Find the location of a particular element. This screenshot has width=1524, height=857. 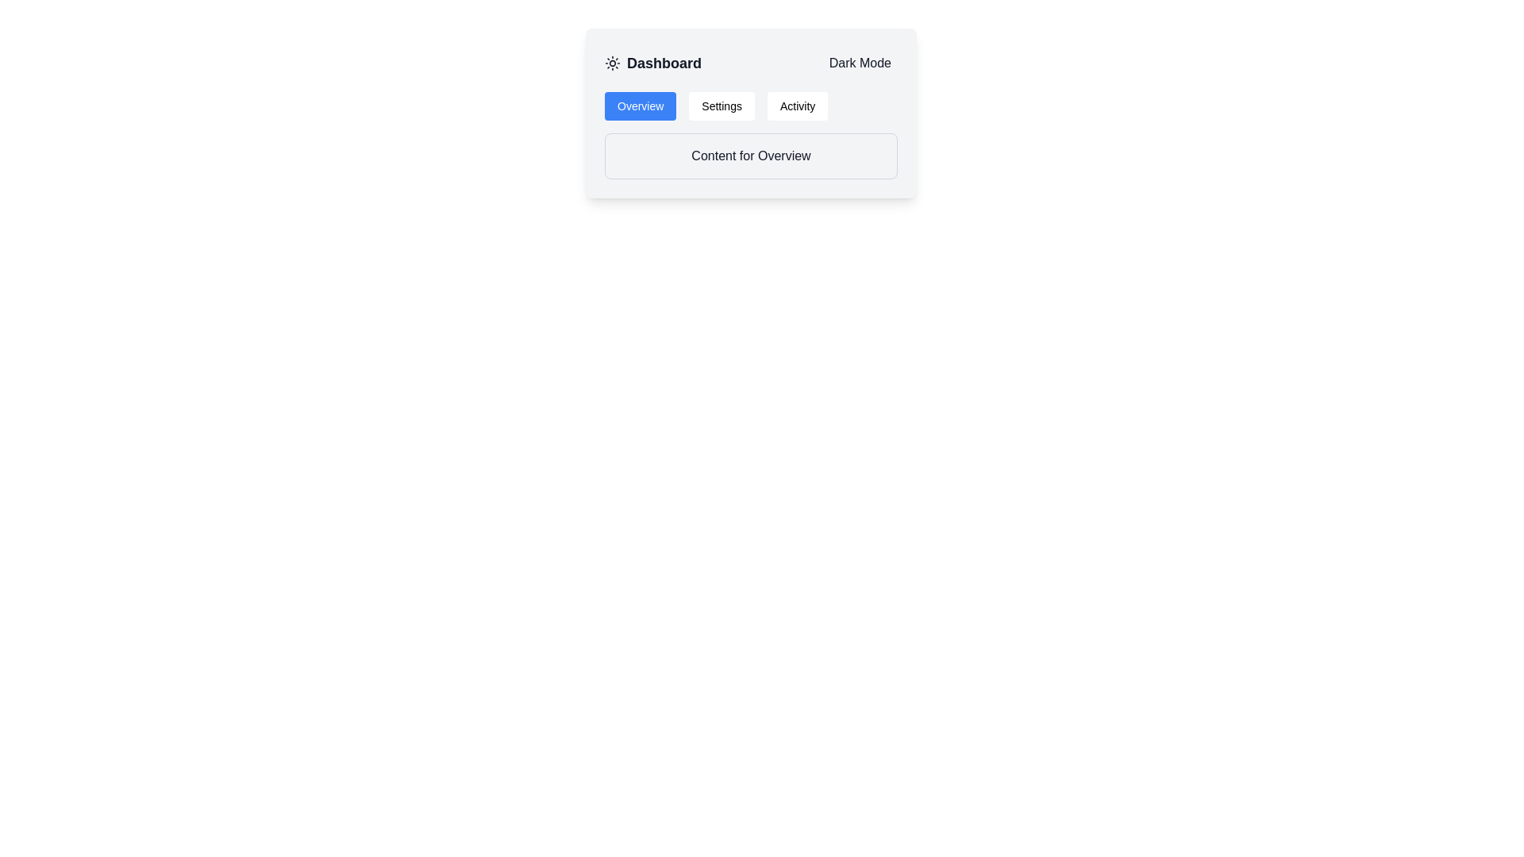

the 'Overview' navigation button located under the 'Dashboard' heading for keyboard navigation is located at coordinates (641, 106).